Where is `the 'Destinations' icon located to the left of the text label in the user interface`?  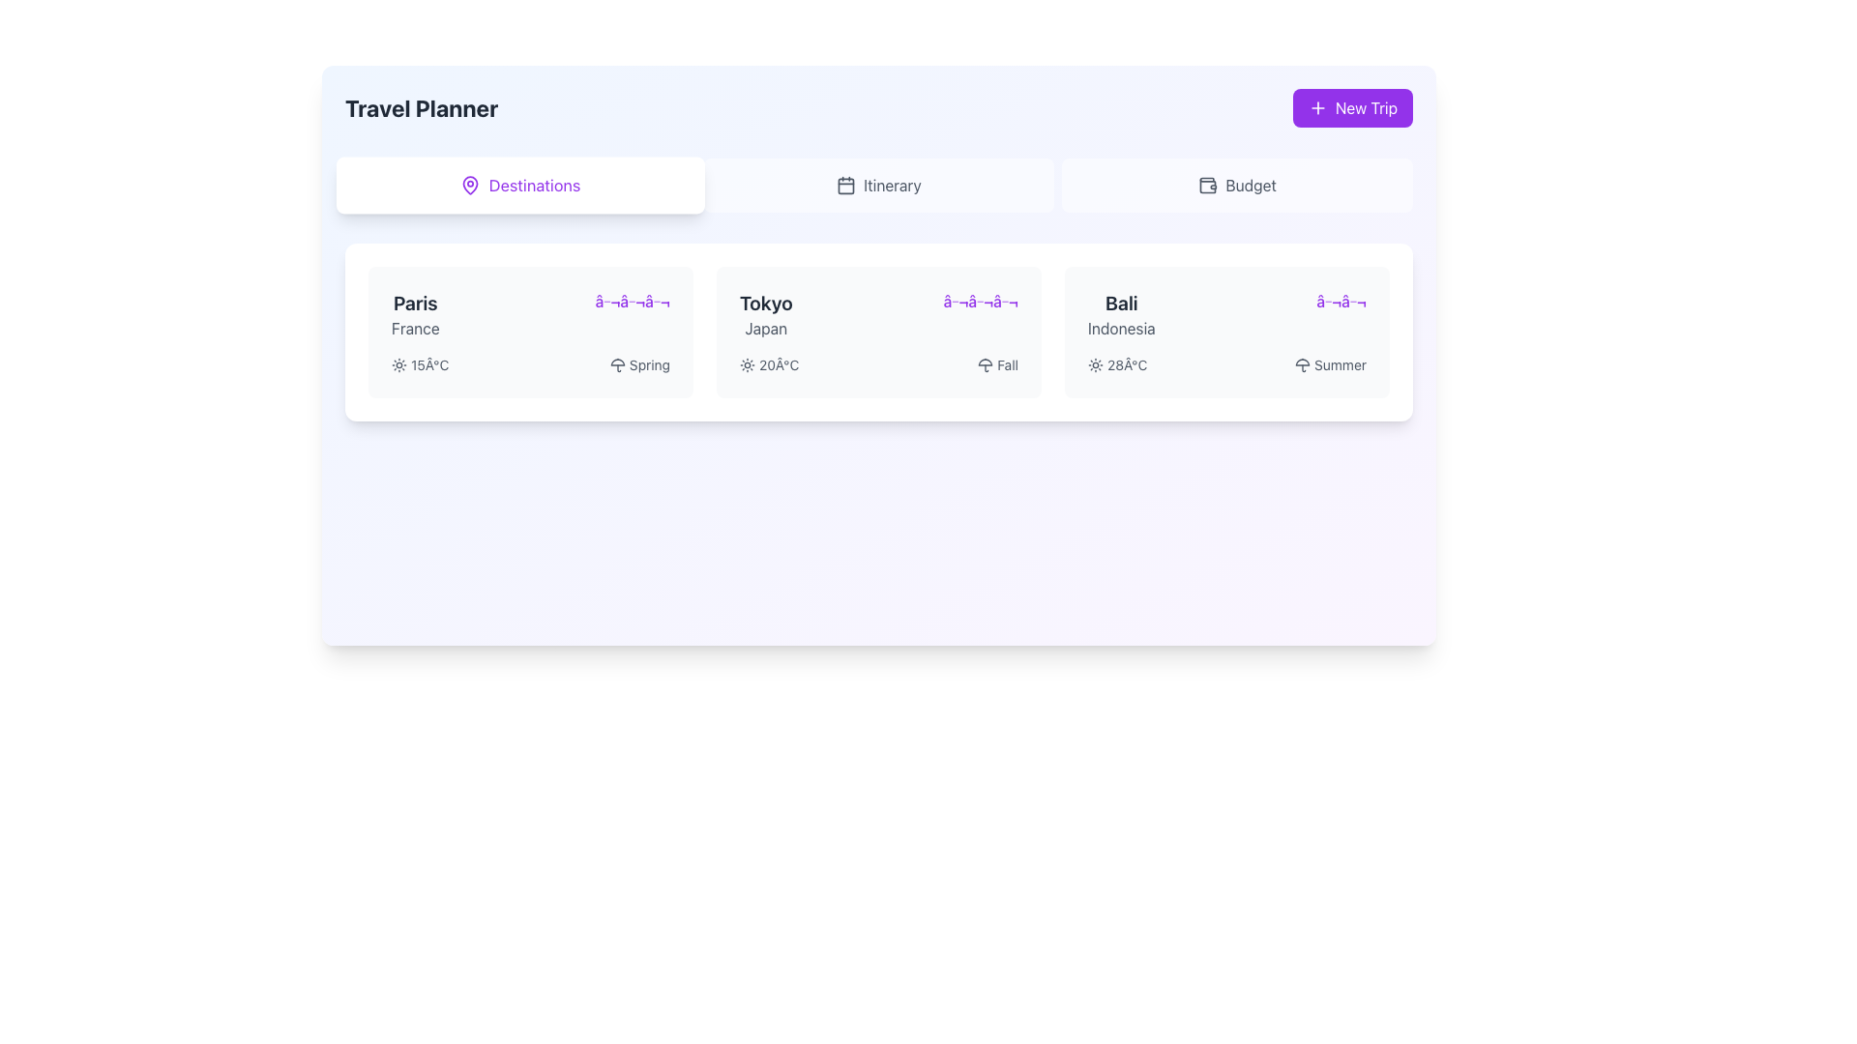
the 'Destinations' icon located to the left of the text label in the user interface is located at coordinates (470, 186).